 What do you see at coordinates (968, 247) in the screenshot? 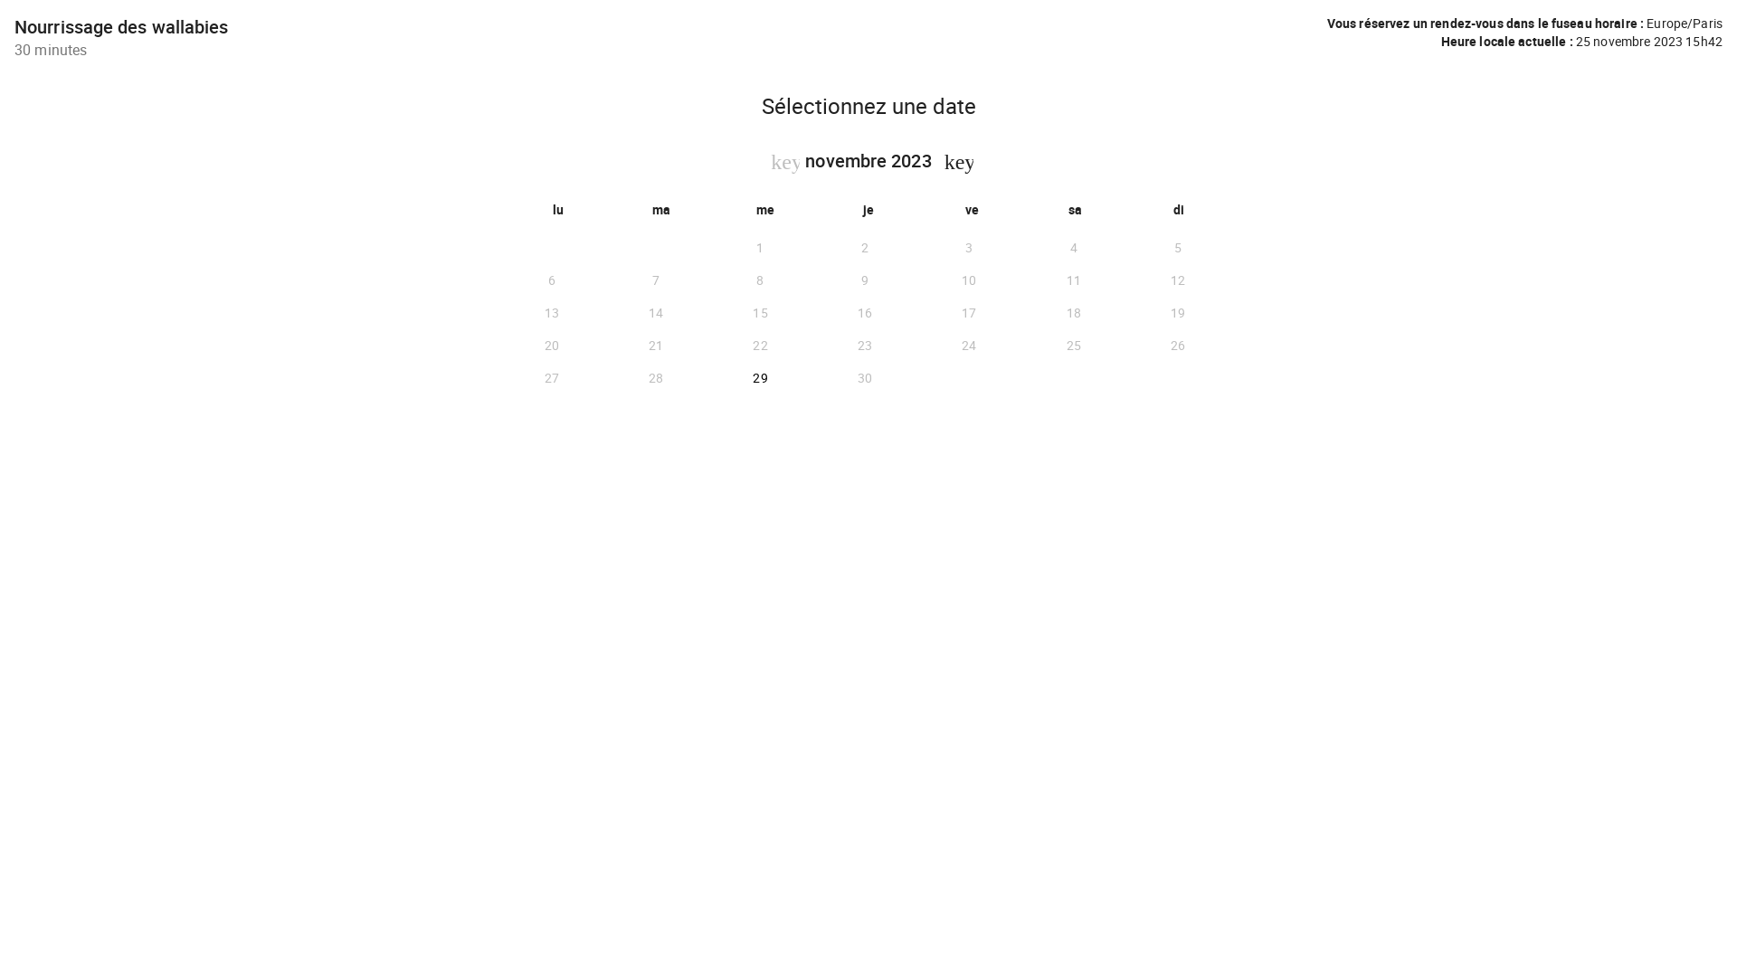
I see `'3'` at bounding box center [968, 247].